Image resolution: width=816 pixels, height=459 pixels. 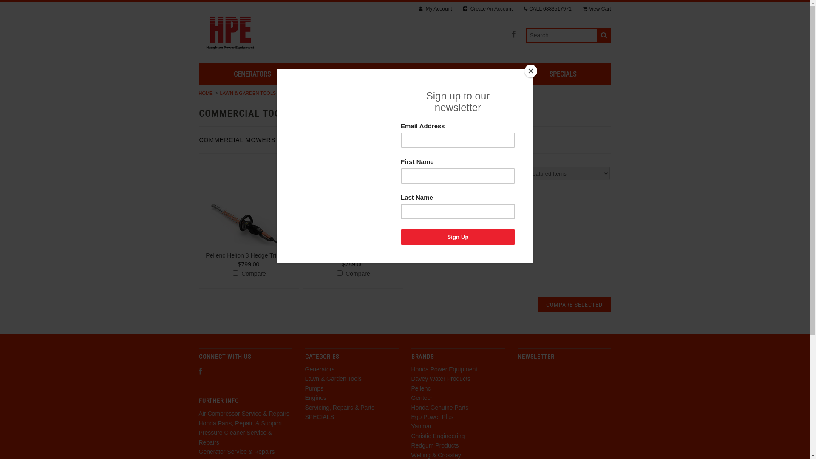 What do you see at coordinates (444, 368) in the screenshot?
I see `'Honda Power Equipment'` at bounding box center [444, 368].